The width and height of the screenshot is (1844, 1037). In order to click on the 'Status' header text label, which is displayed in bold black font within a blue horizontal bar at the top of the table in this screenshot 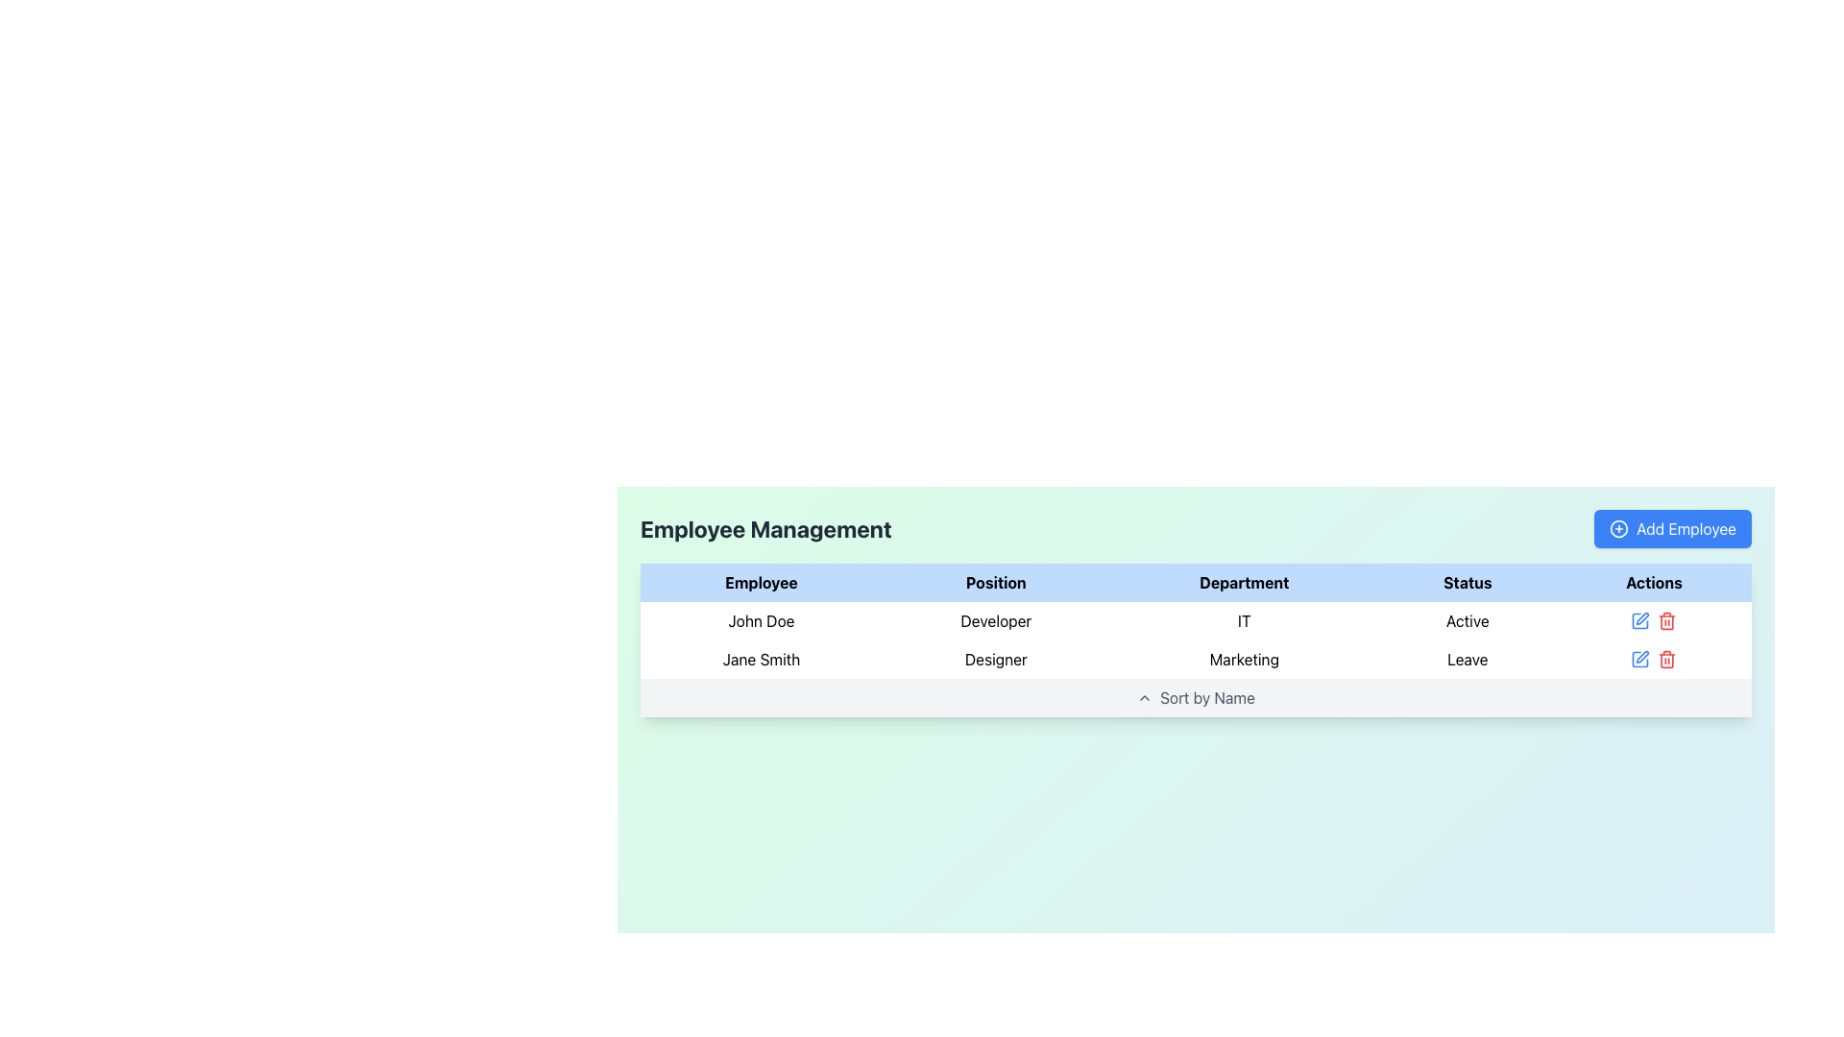, I will do `click(1467, 581)`.